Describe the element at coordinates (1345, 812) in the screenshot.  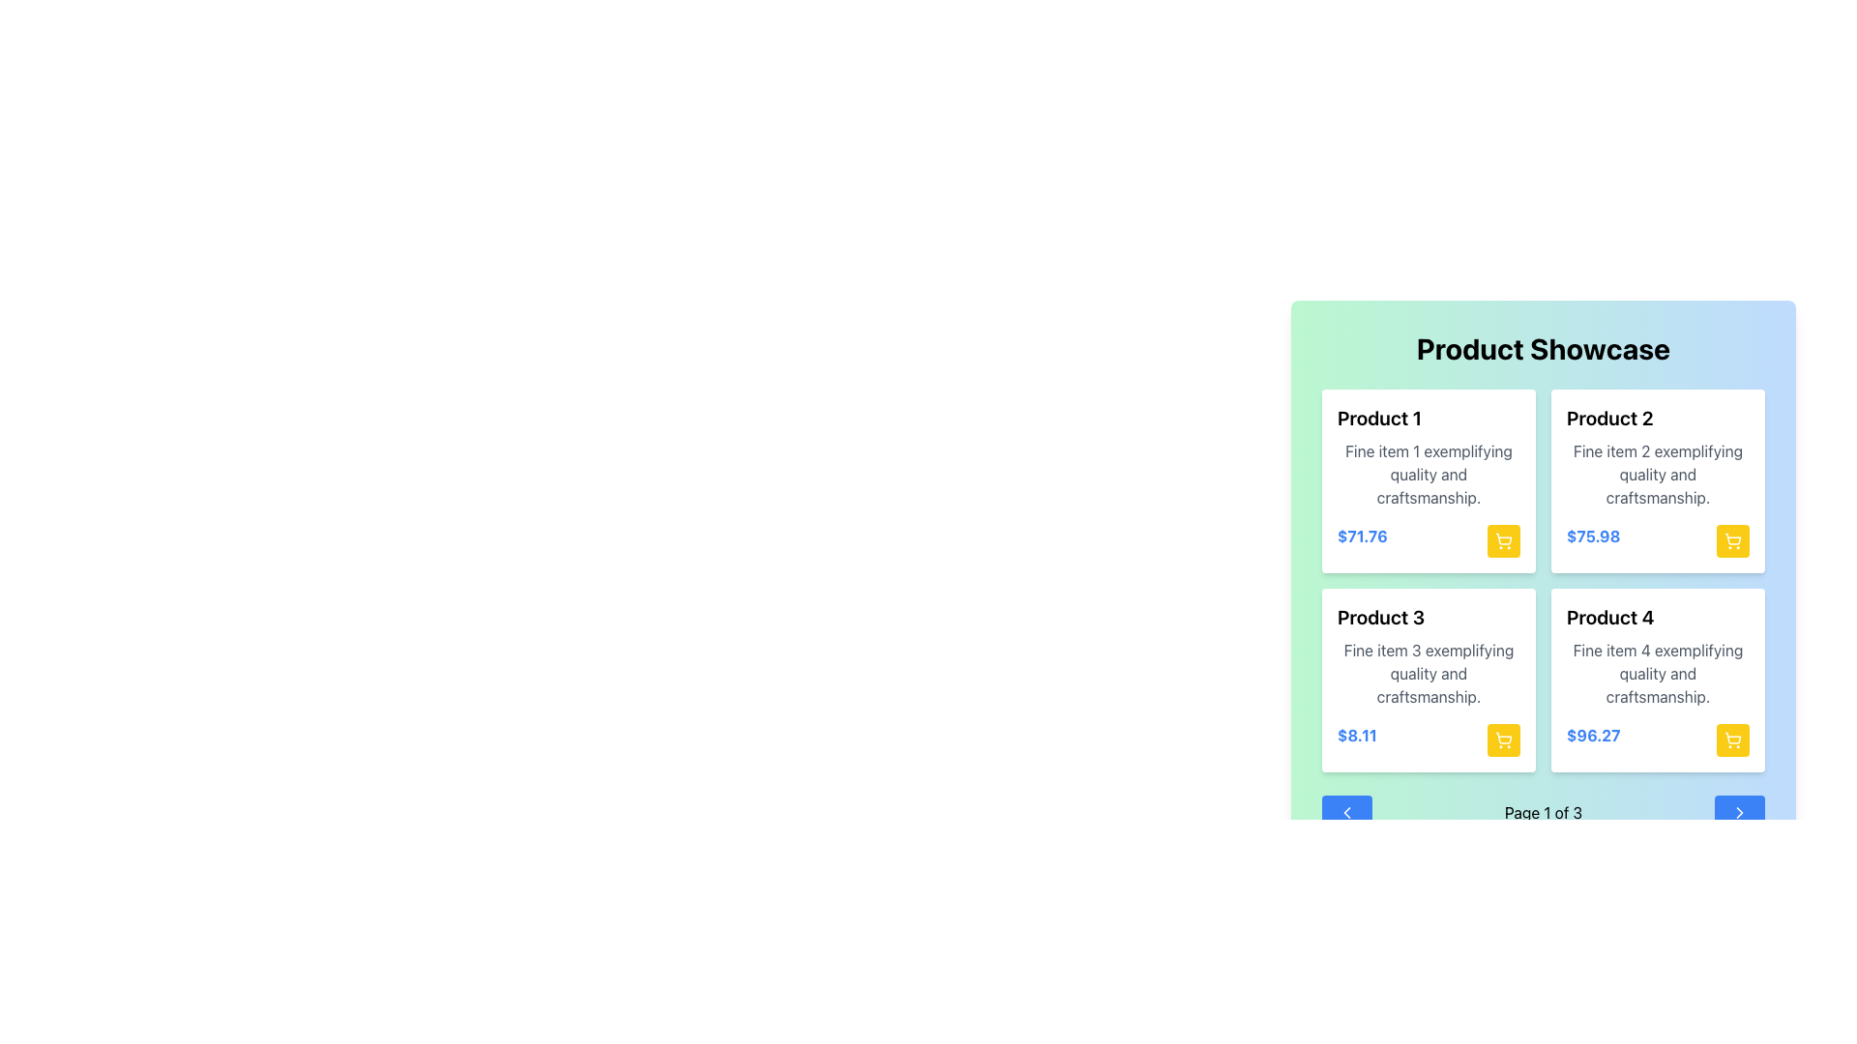
I see `the 'Previous Page' button located at the bottom of the page, directly to the left of the text 'Page 1 of 3'` at that location.